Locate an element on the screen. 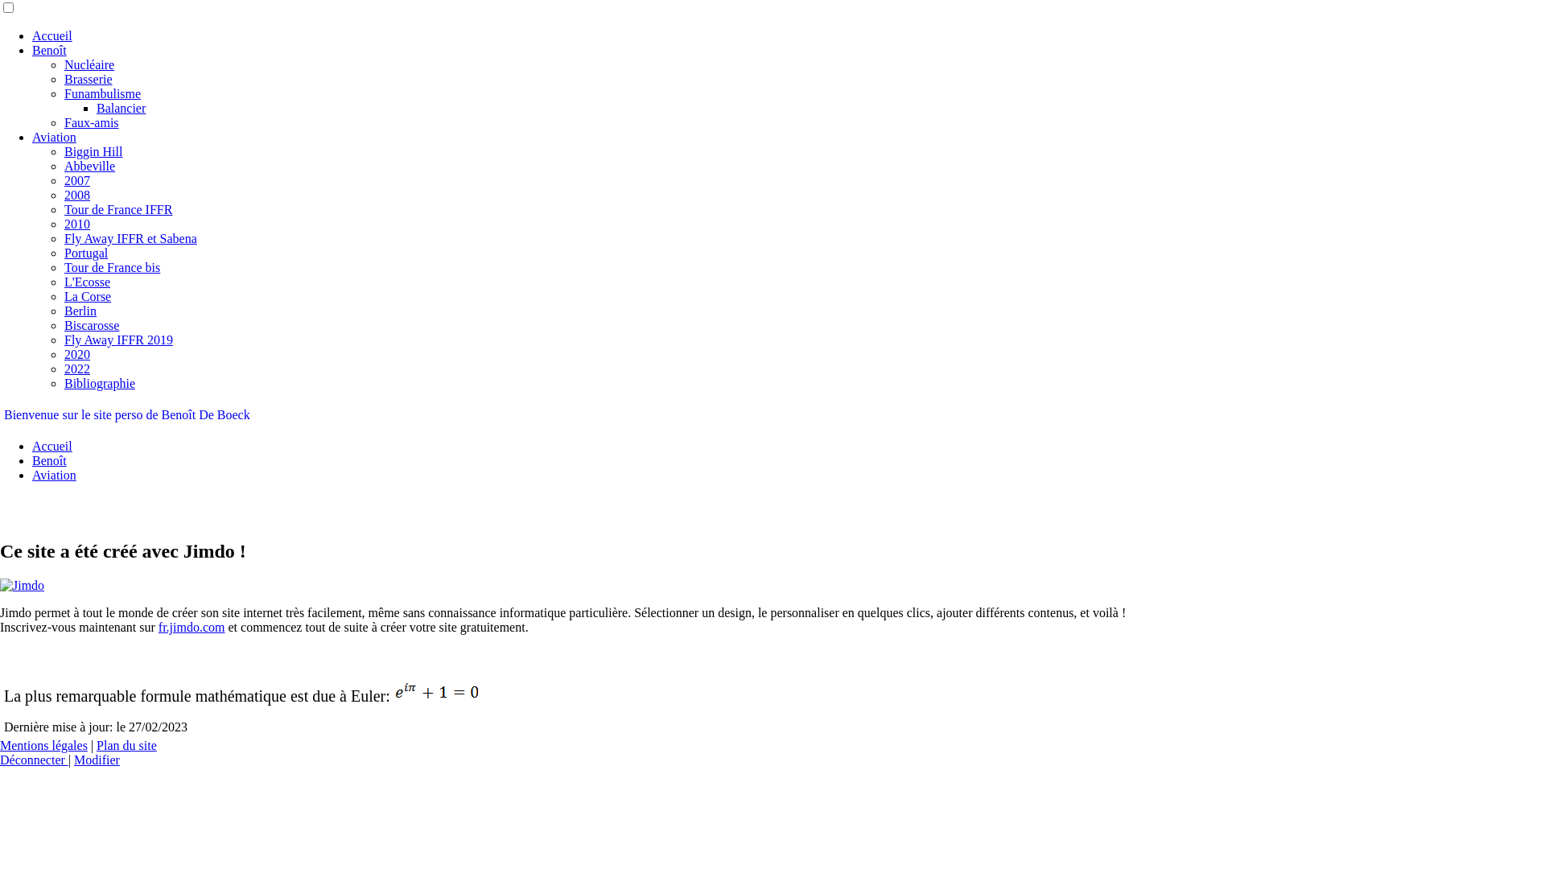 This screenshot has width=1545, height=869. 'Fly Away IFFR 2019' is located at coordinates (117, 339).